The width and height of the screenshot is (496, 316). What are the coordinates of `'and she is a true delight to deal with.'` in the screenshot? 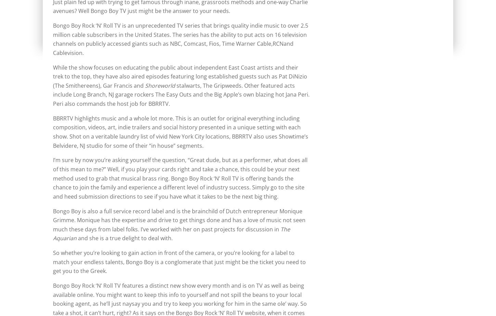 It's located at (124, 238).